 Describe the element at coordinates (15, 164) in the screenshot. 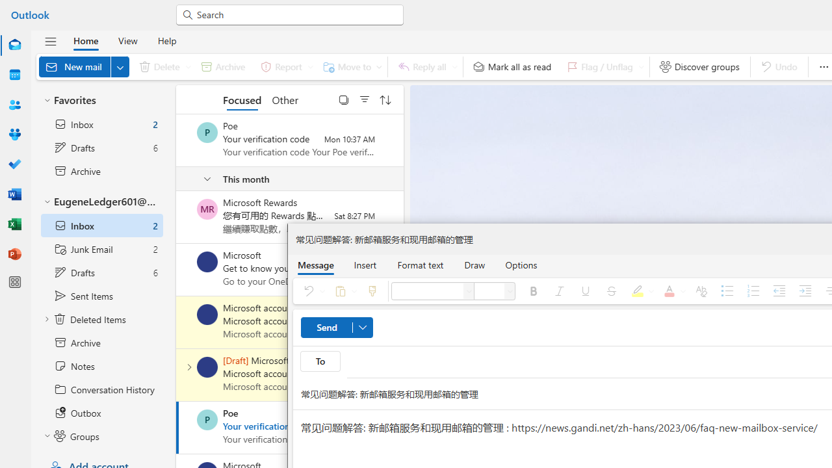

I see `'To Do'` at that location.